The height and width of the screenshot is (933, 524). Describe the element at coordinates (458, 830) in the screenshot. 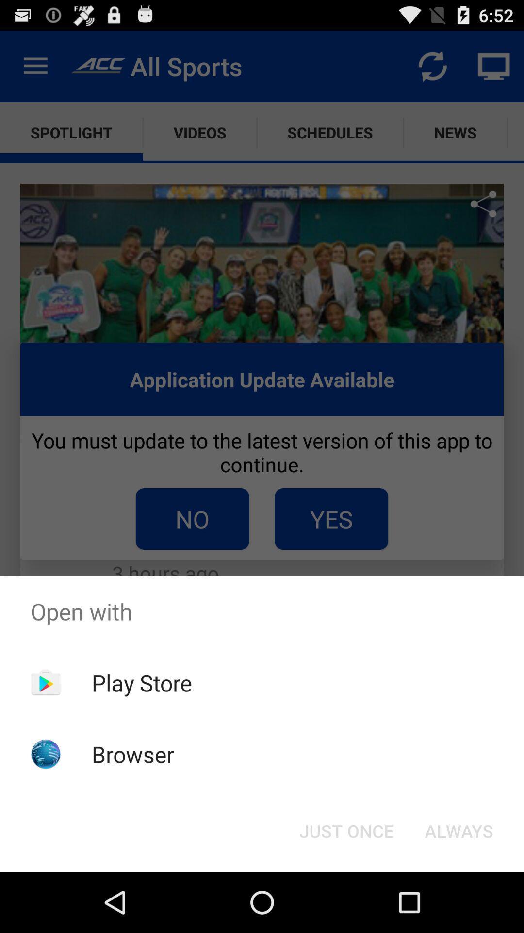

I see `the item to the right of just once button` at that location.